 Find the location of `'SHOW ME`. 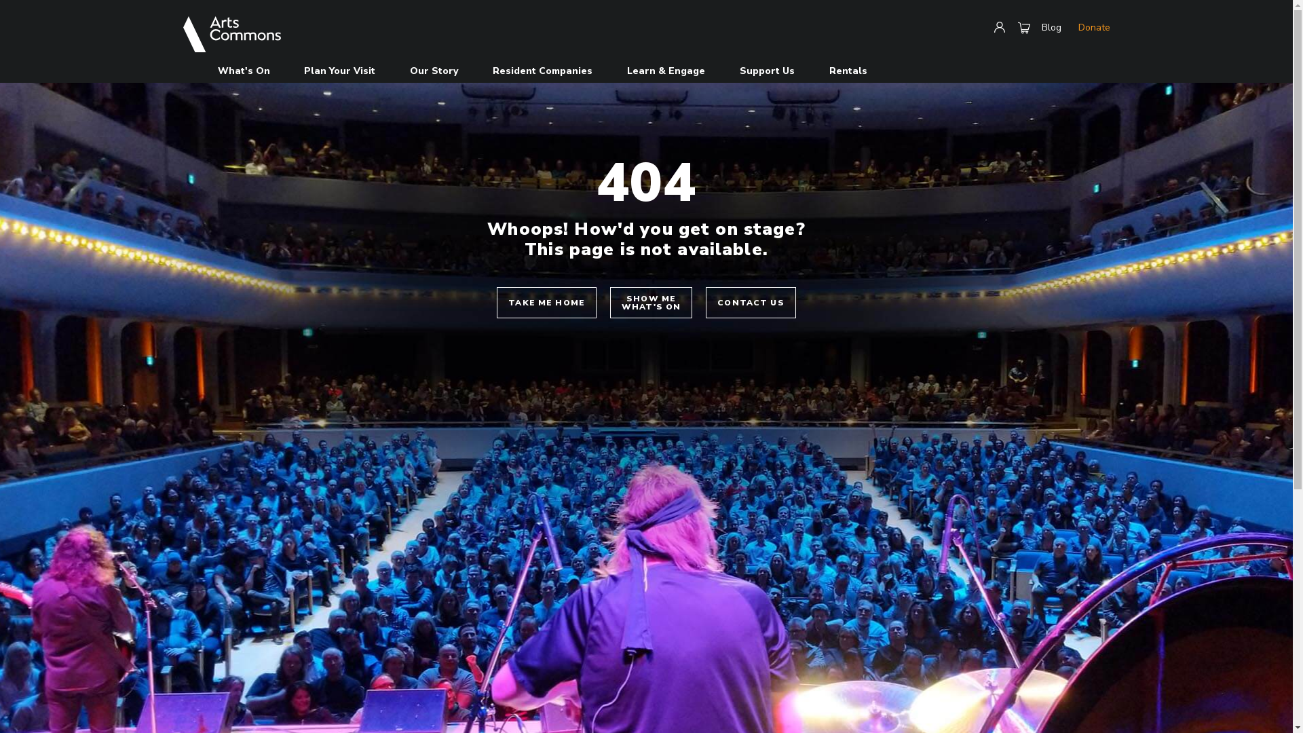

'SHOW ME is located at coordinates (650, 302).